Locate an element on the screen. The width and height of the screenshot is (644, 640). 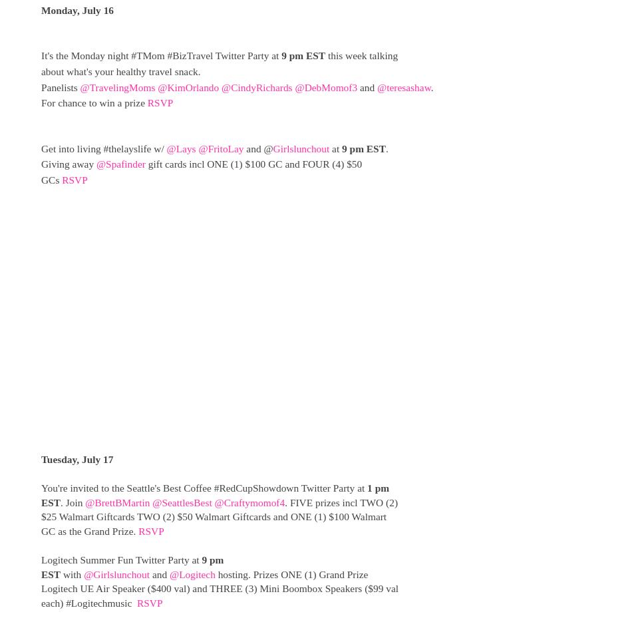
'@TravelingMoms' is located at coordinates (80, 86).